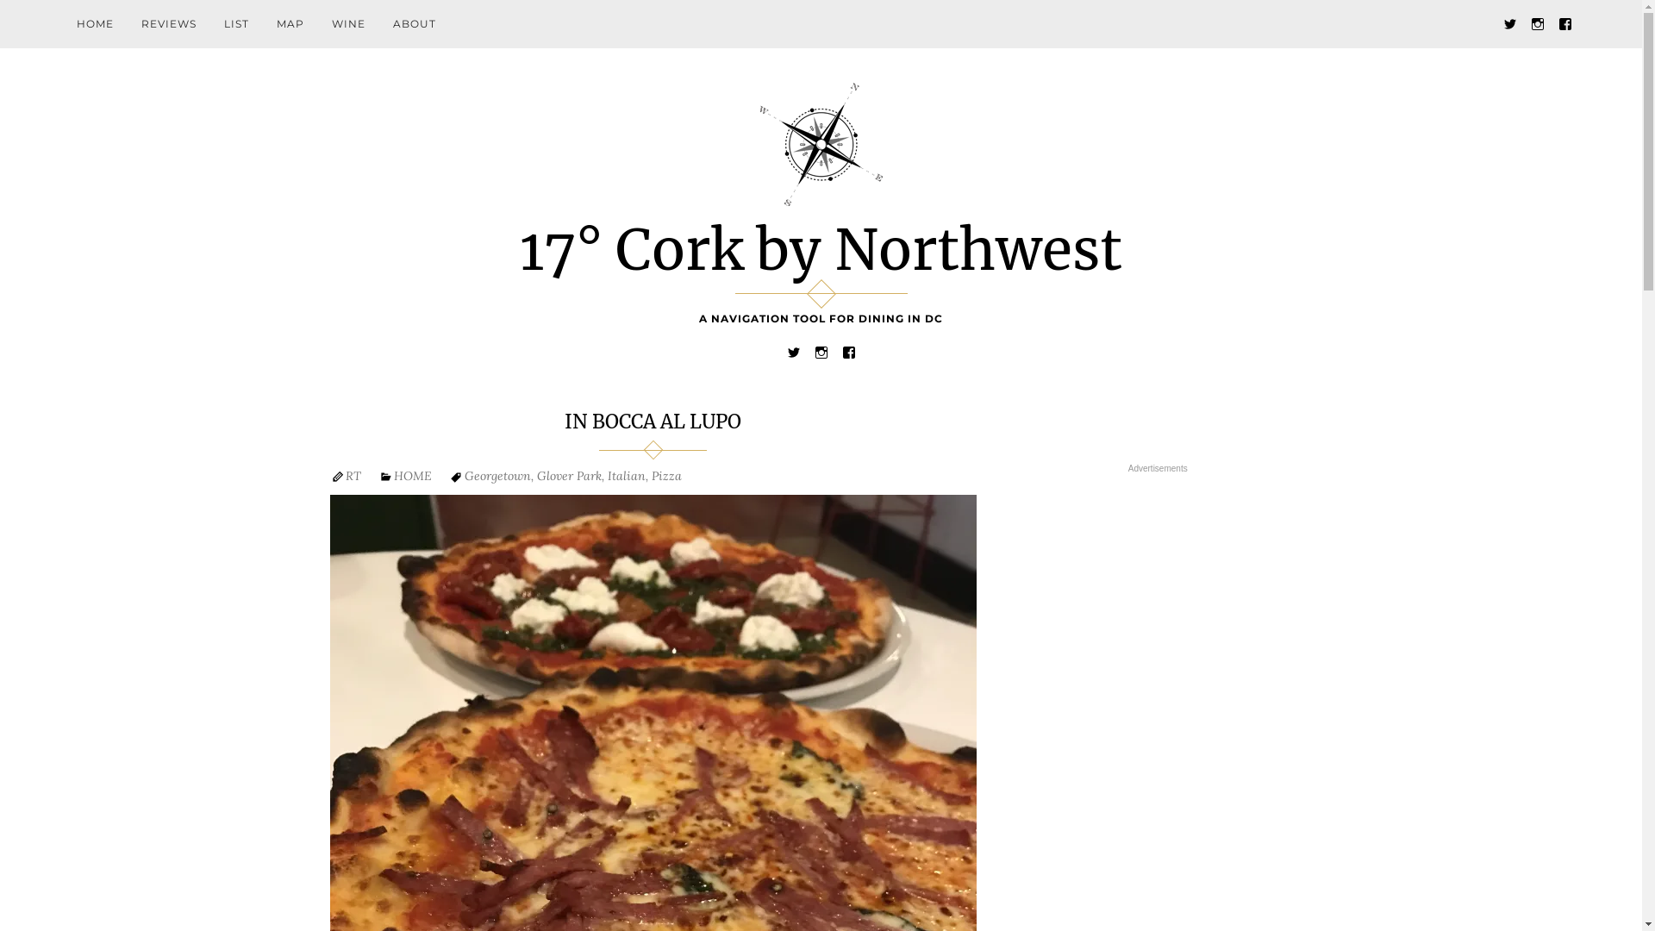 Image resolution: width=1655 pixels, height=931 pixels. What do you see at coordinates (496, 475) in the screenshot?
I see `'Georgetown'` at bounding box center [496, 475].